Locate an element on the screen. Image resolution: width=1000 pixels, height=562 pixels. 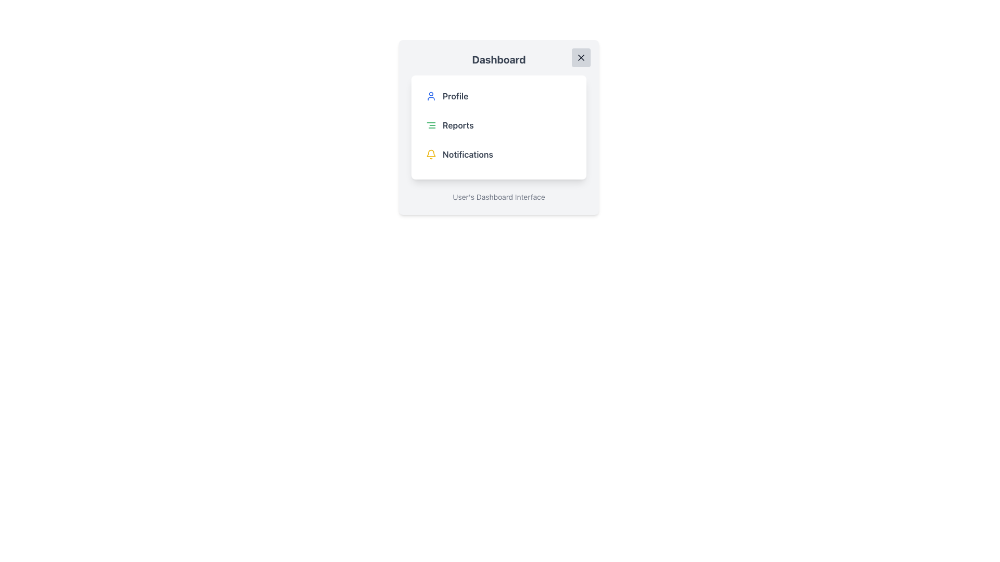
the 'Reports' icon element, which serves as a visual marker in the vertical list of options, positioned to the left of the text 'Reports' is located at coordinates (431, 124).